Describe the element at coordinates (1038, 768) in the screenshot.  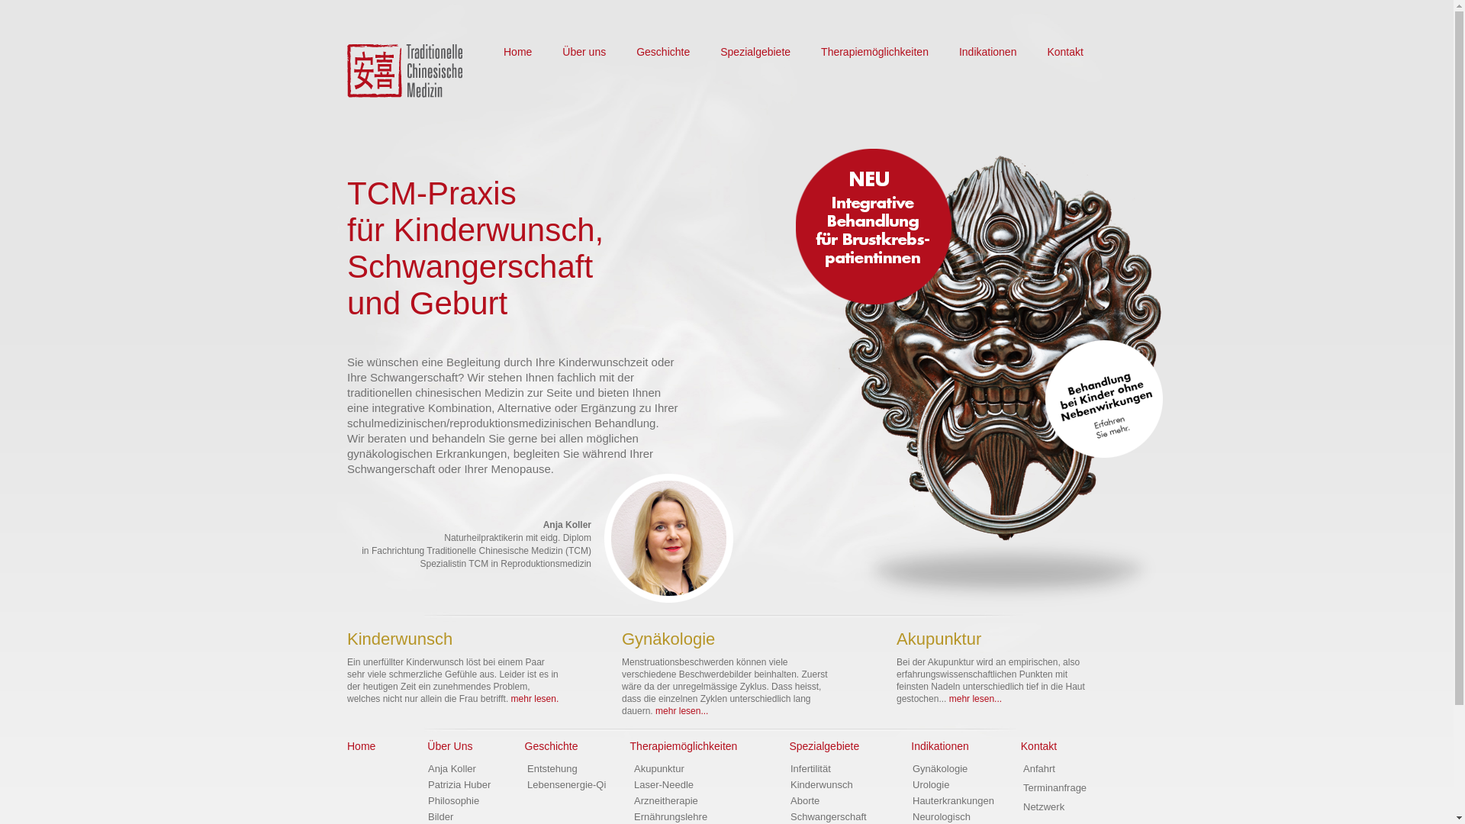
I see `'Anfahrt'` at that location.